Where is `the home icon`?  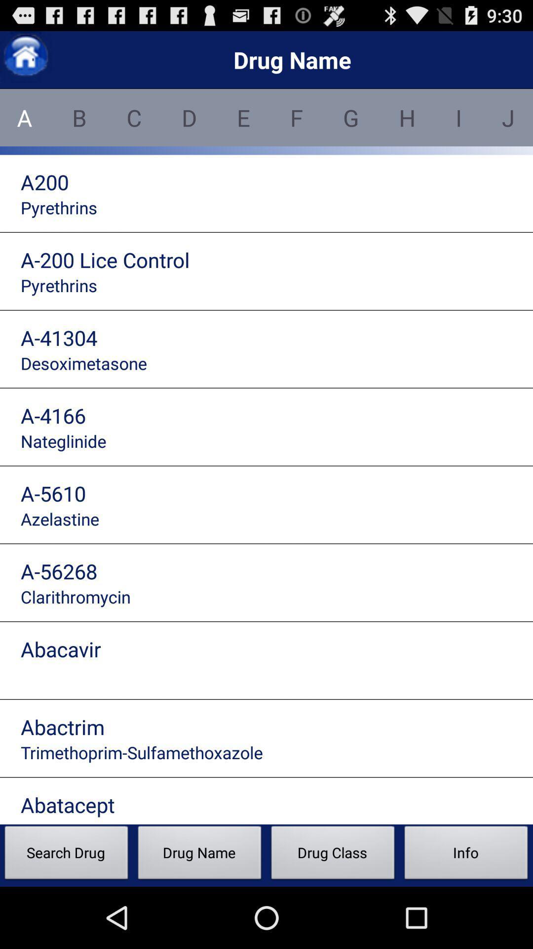
the home icon is located at coordinates (25, 60).